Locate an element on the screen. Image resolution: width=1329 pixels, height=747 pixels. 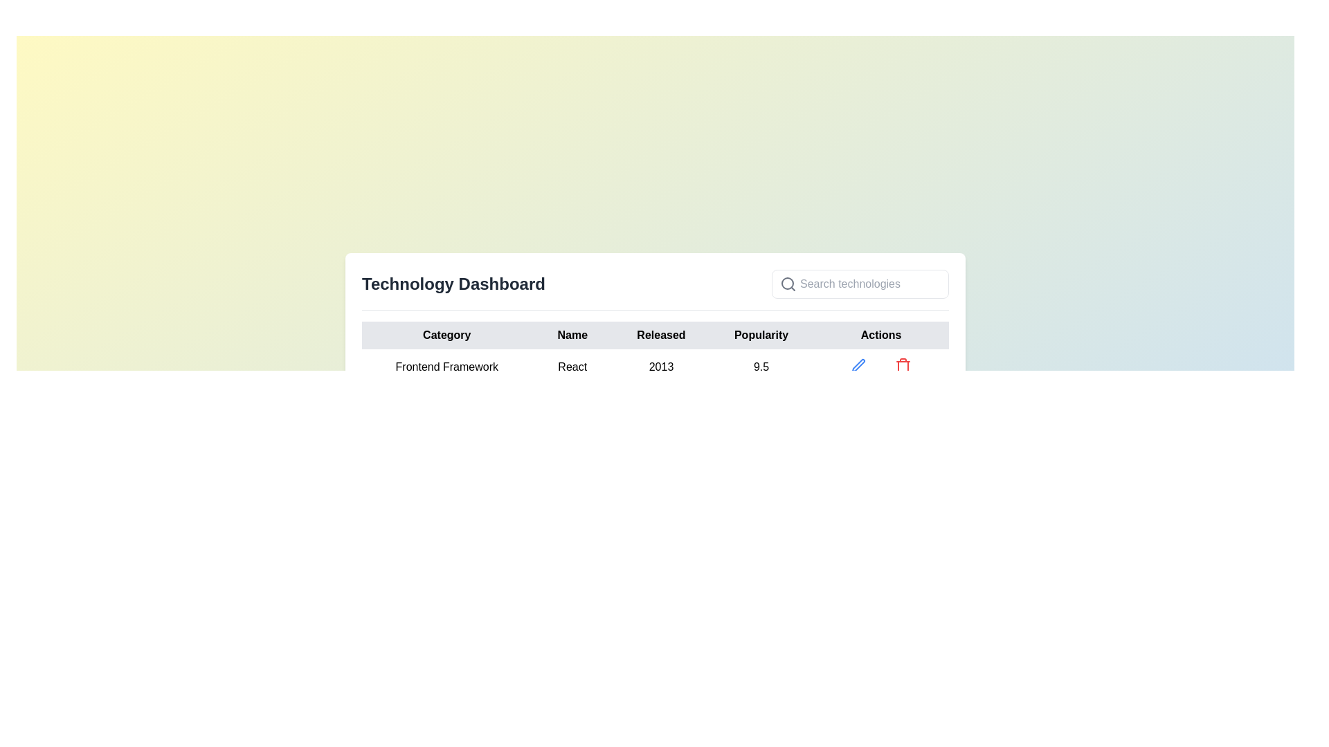
the 'Category' header cell in the first column of the top-row header in the table, which has a gray background and bold font style is located at coordinates (446, 335).